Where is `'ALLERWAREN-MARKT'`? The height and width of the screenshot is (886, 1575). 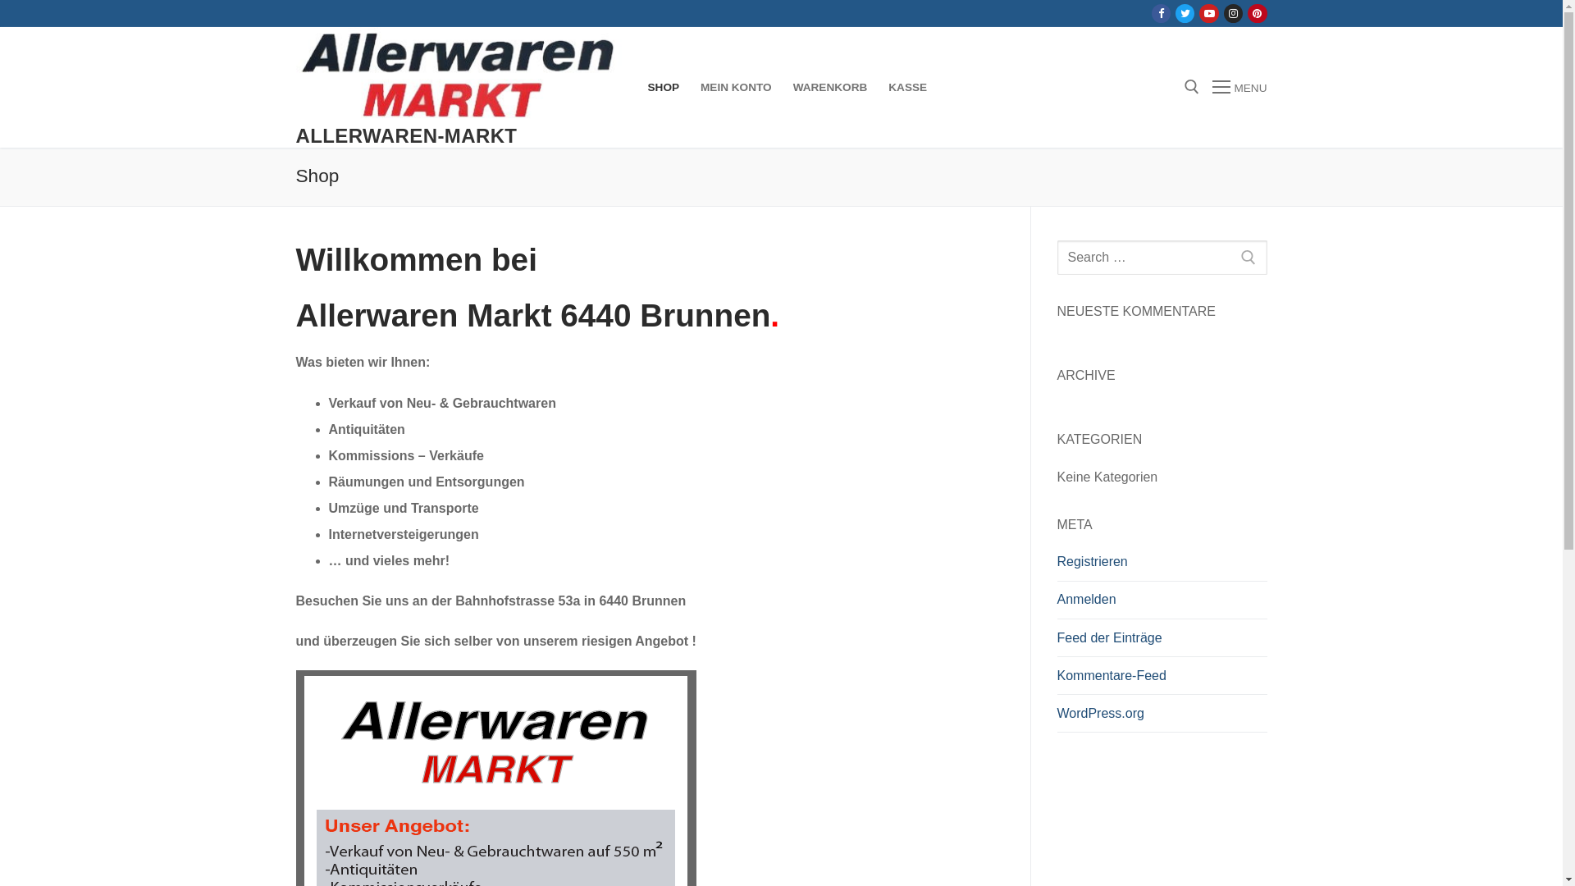
'ALLERWAREN-MARKT' is located at coordinates (405, 135).